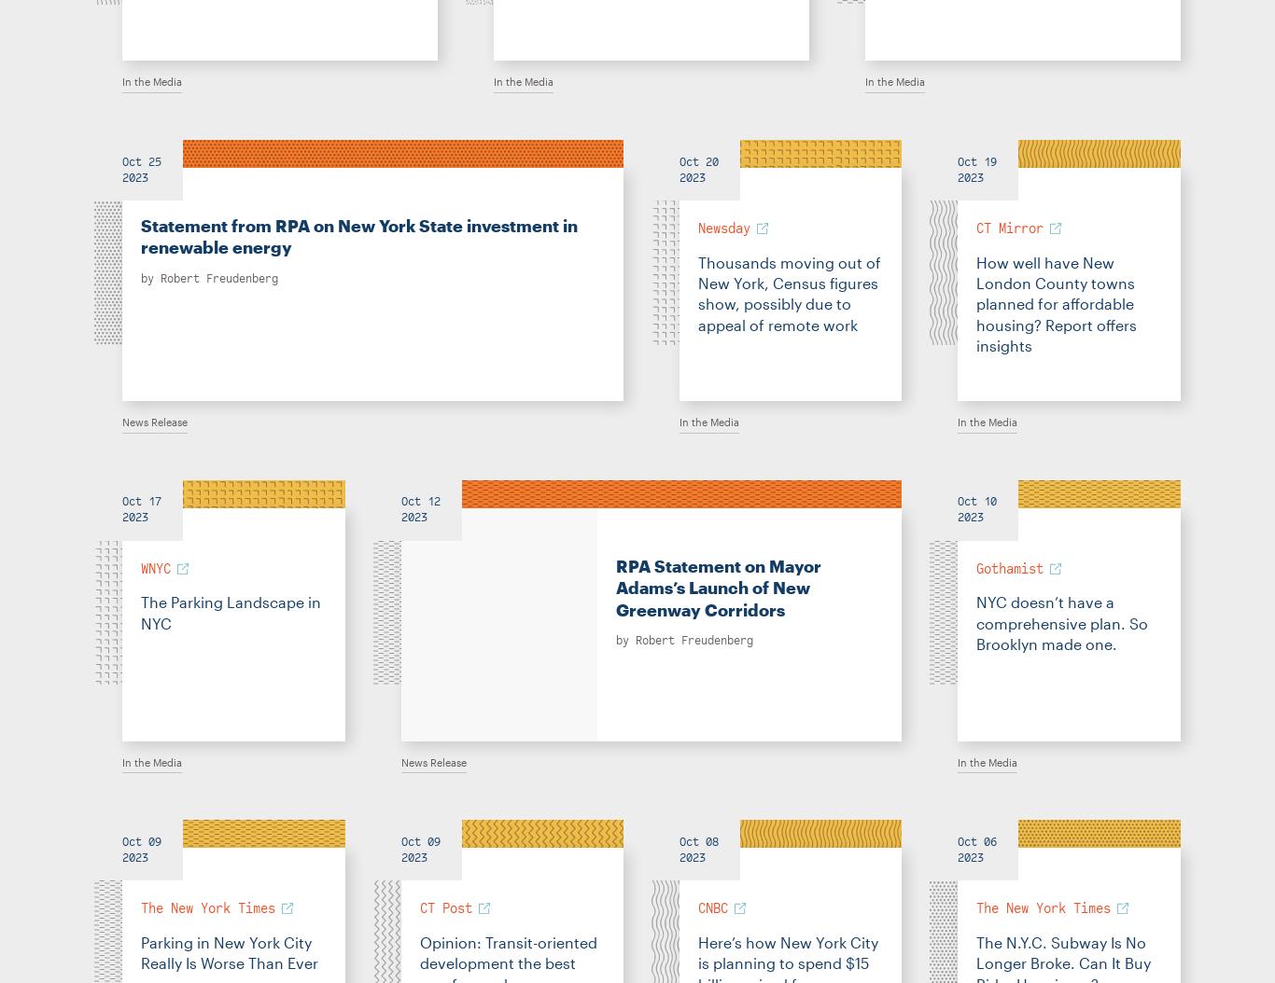  What do you see at coordinates (231, 612) in the screenshot?
I see `'The Parking Landscape in NYC'` at bounding box center [231, 612].